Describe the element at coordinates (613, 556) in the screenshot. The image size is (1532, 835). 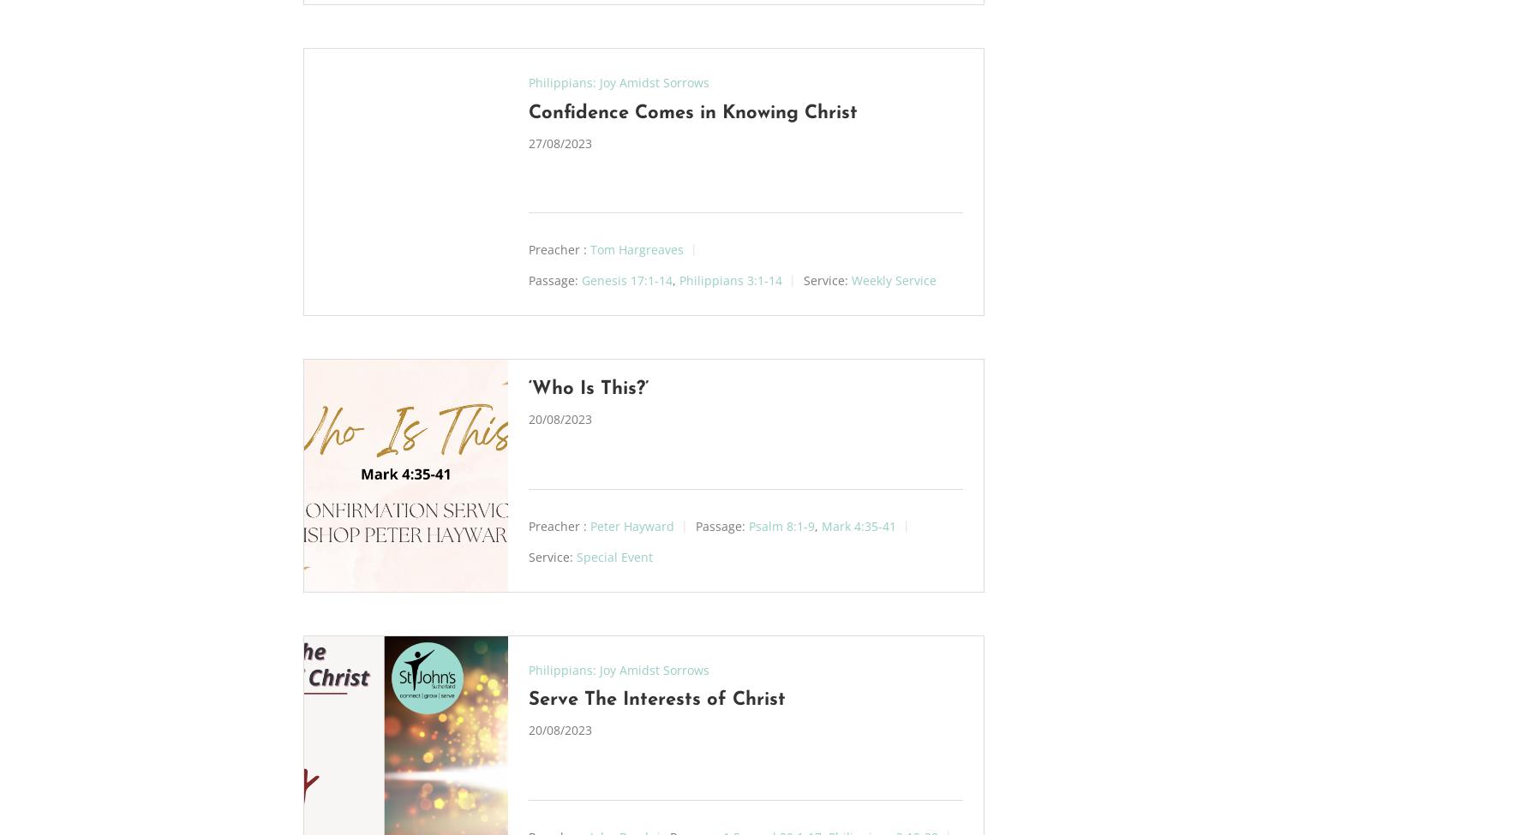
I see `'Special Event'` at that location.